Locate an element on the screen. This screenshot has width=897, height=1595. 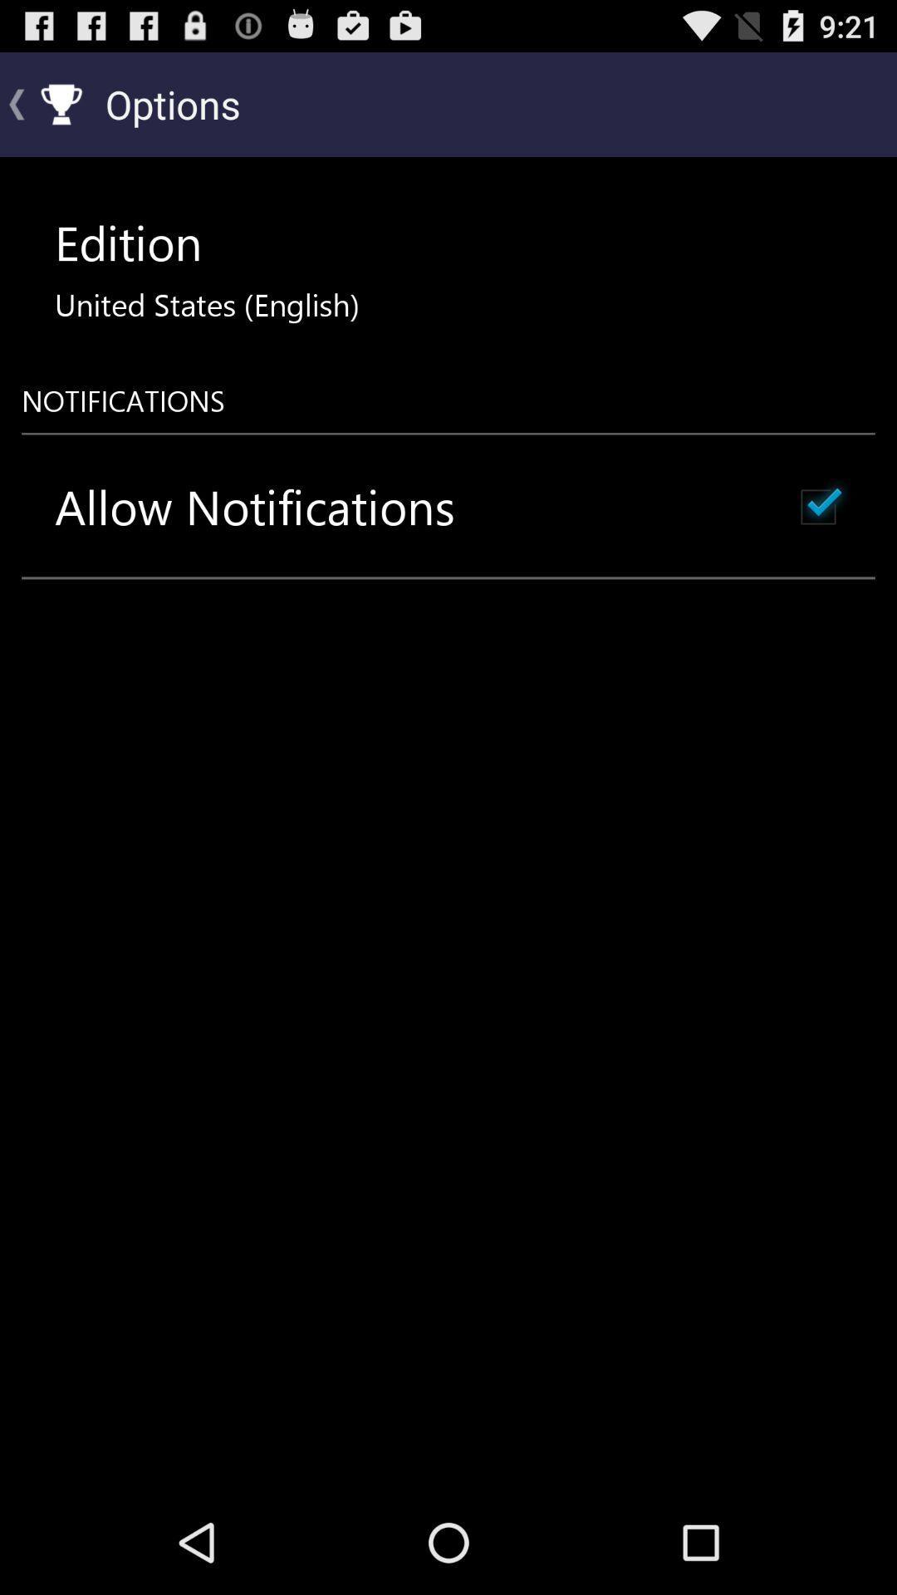
icon to the right of the allow notifications icon is located at coordinates (817, 506).